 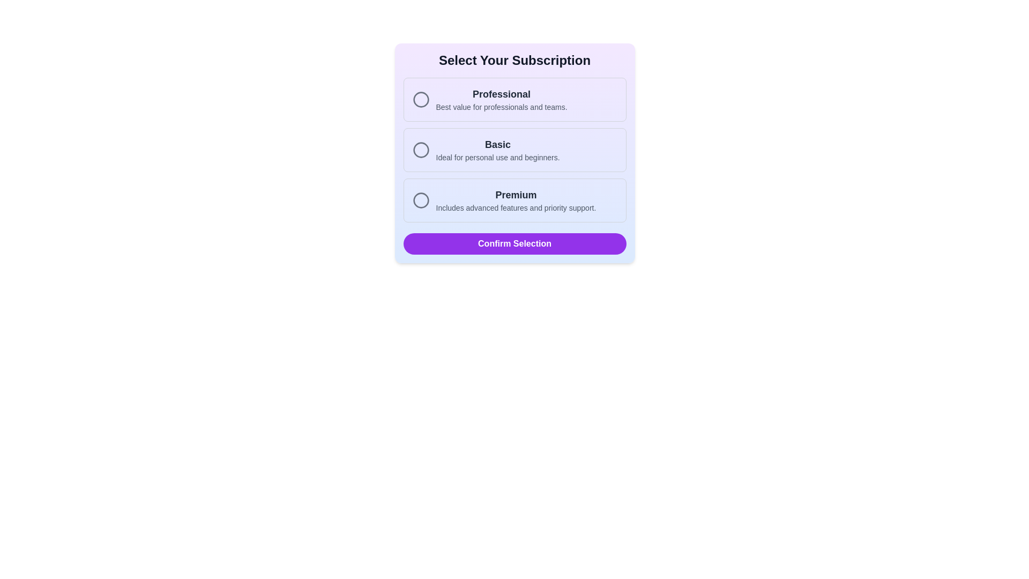 I want to click on the 'Professional' subscription option label, which provides details about this subscription tier, located in the second row of the subscription options list, so click(x=501, y=99).